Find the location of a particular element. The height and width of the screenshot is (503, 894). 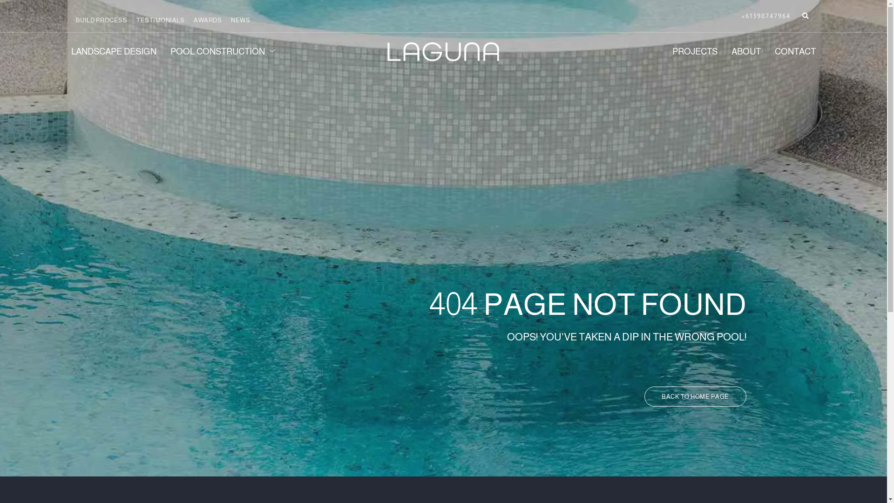

'CONTACT' is located at coordinates (760, 52).